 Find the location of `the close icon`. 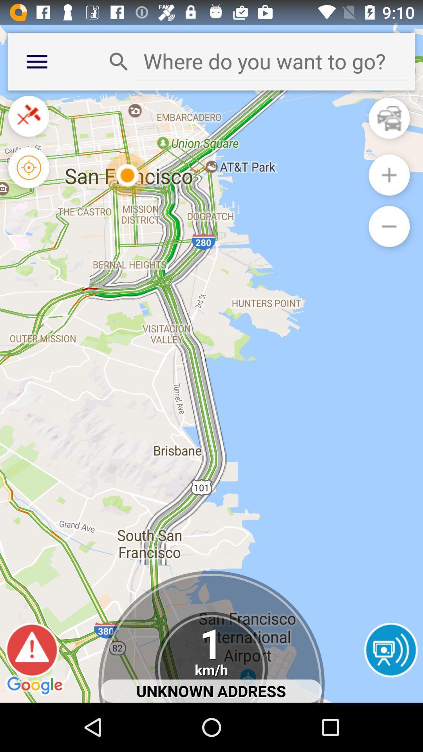

the close icon is located at coordinates (28, 124).